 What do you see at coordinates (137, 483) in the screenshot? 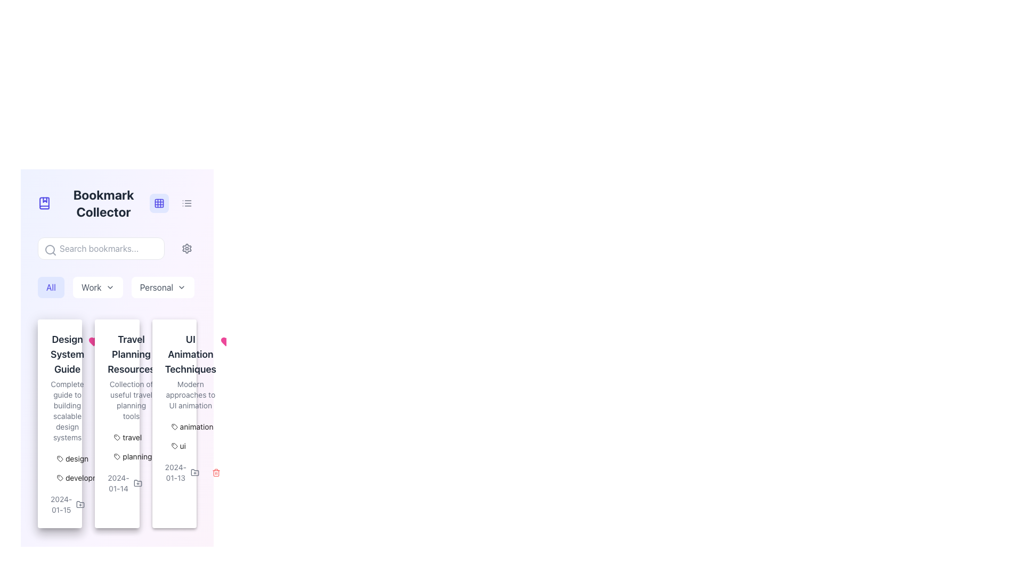
I see `the add-to-folder button located at the bottom right corner of the 'Travel Planning Resources' card, below the date '2024-01-14'` at bounding box center [137, 483].